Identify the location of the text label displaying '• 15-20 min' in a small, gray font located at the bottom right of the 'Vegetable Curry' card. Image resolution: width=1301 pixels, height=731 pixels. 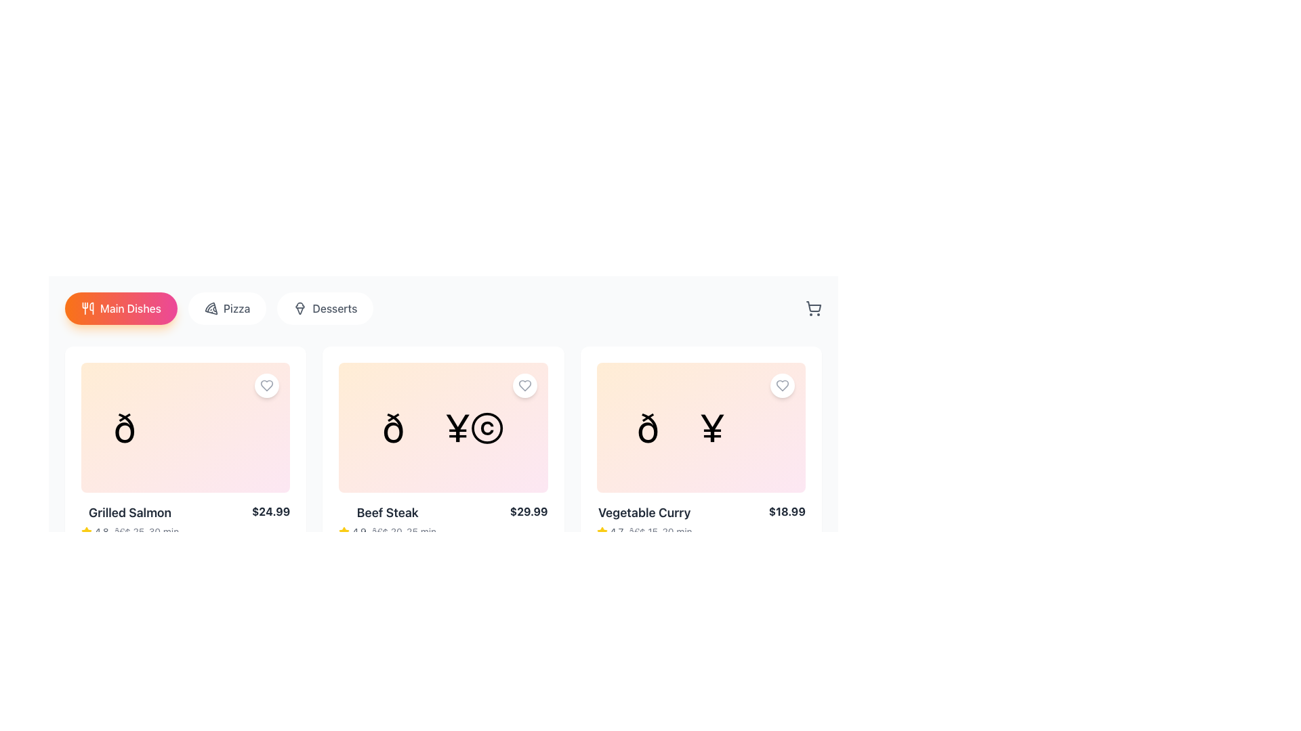
(660, 531).